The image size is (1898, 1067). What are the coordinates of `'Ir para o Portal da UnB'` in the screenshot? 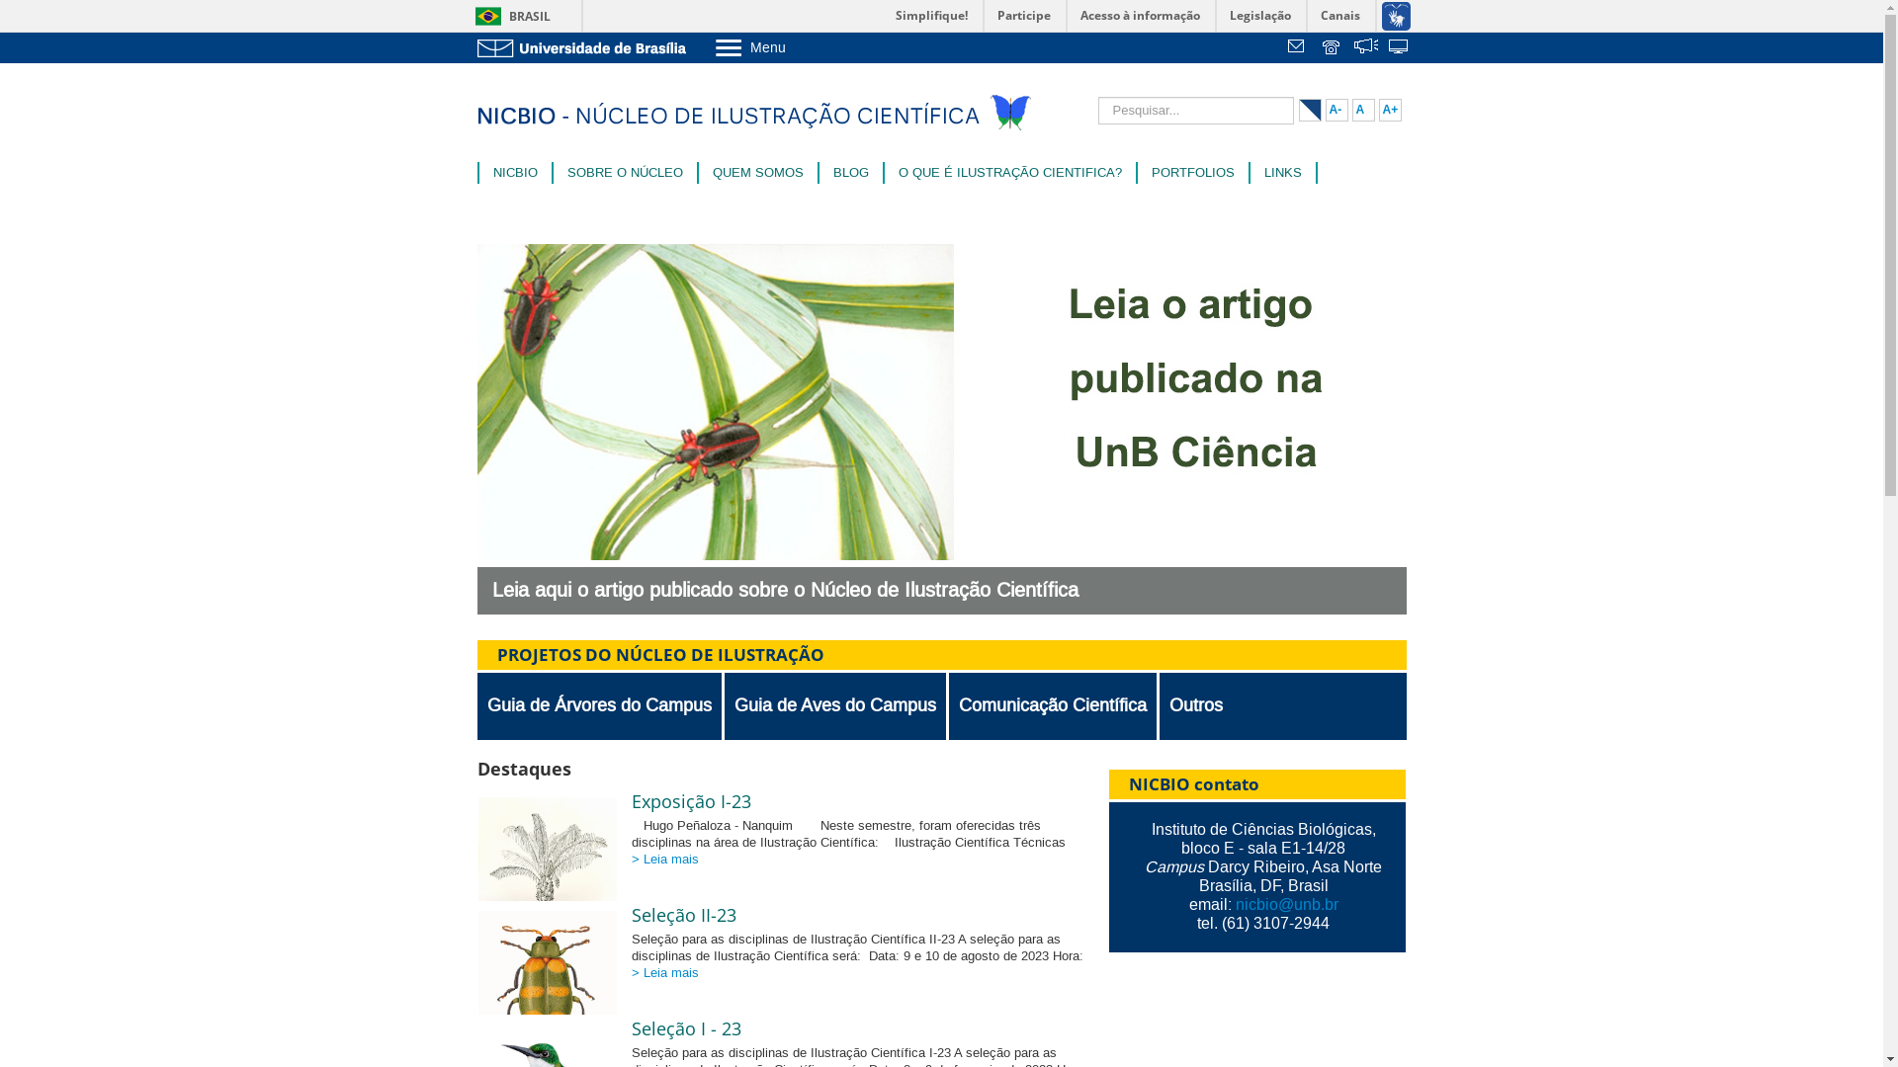 It's located at (583, 46).